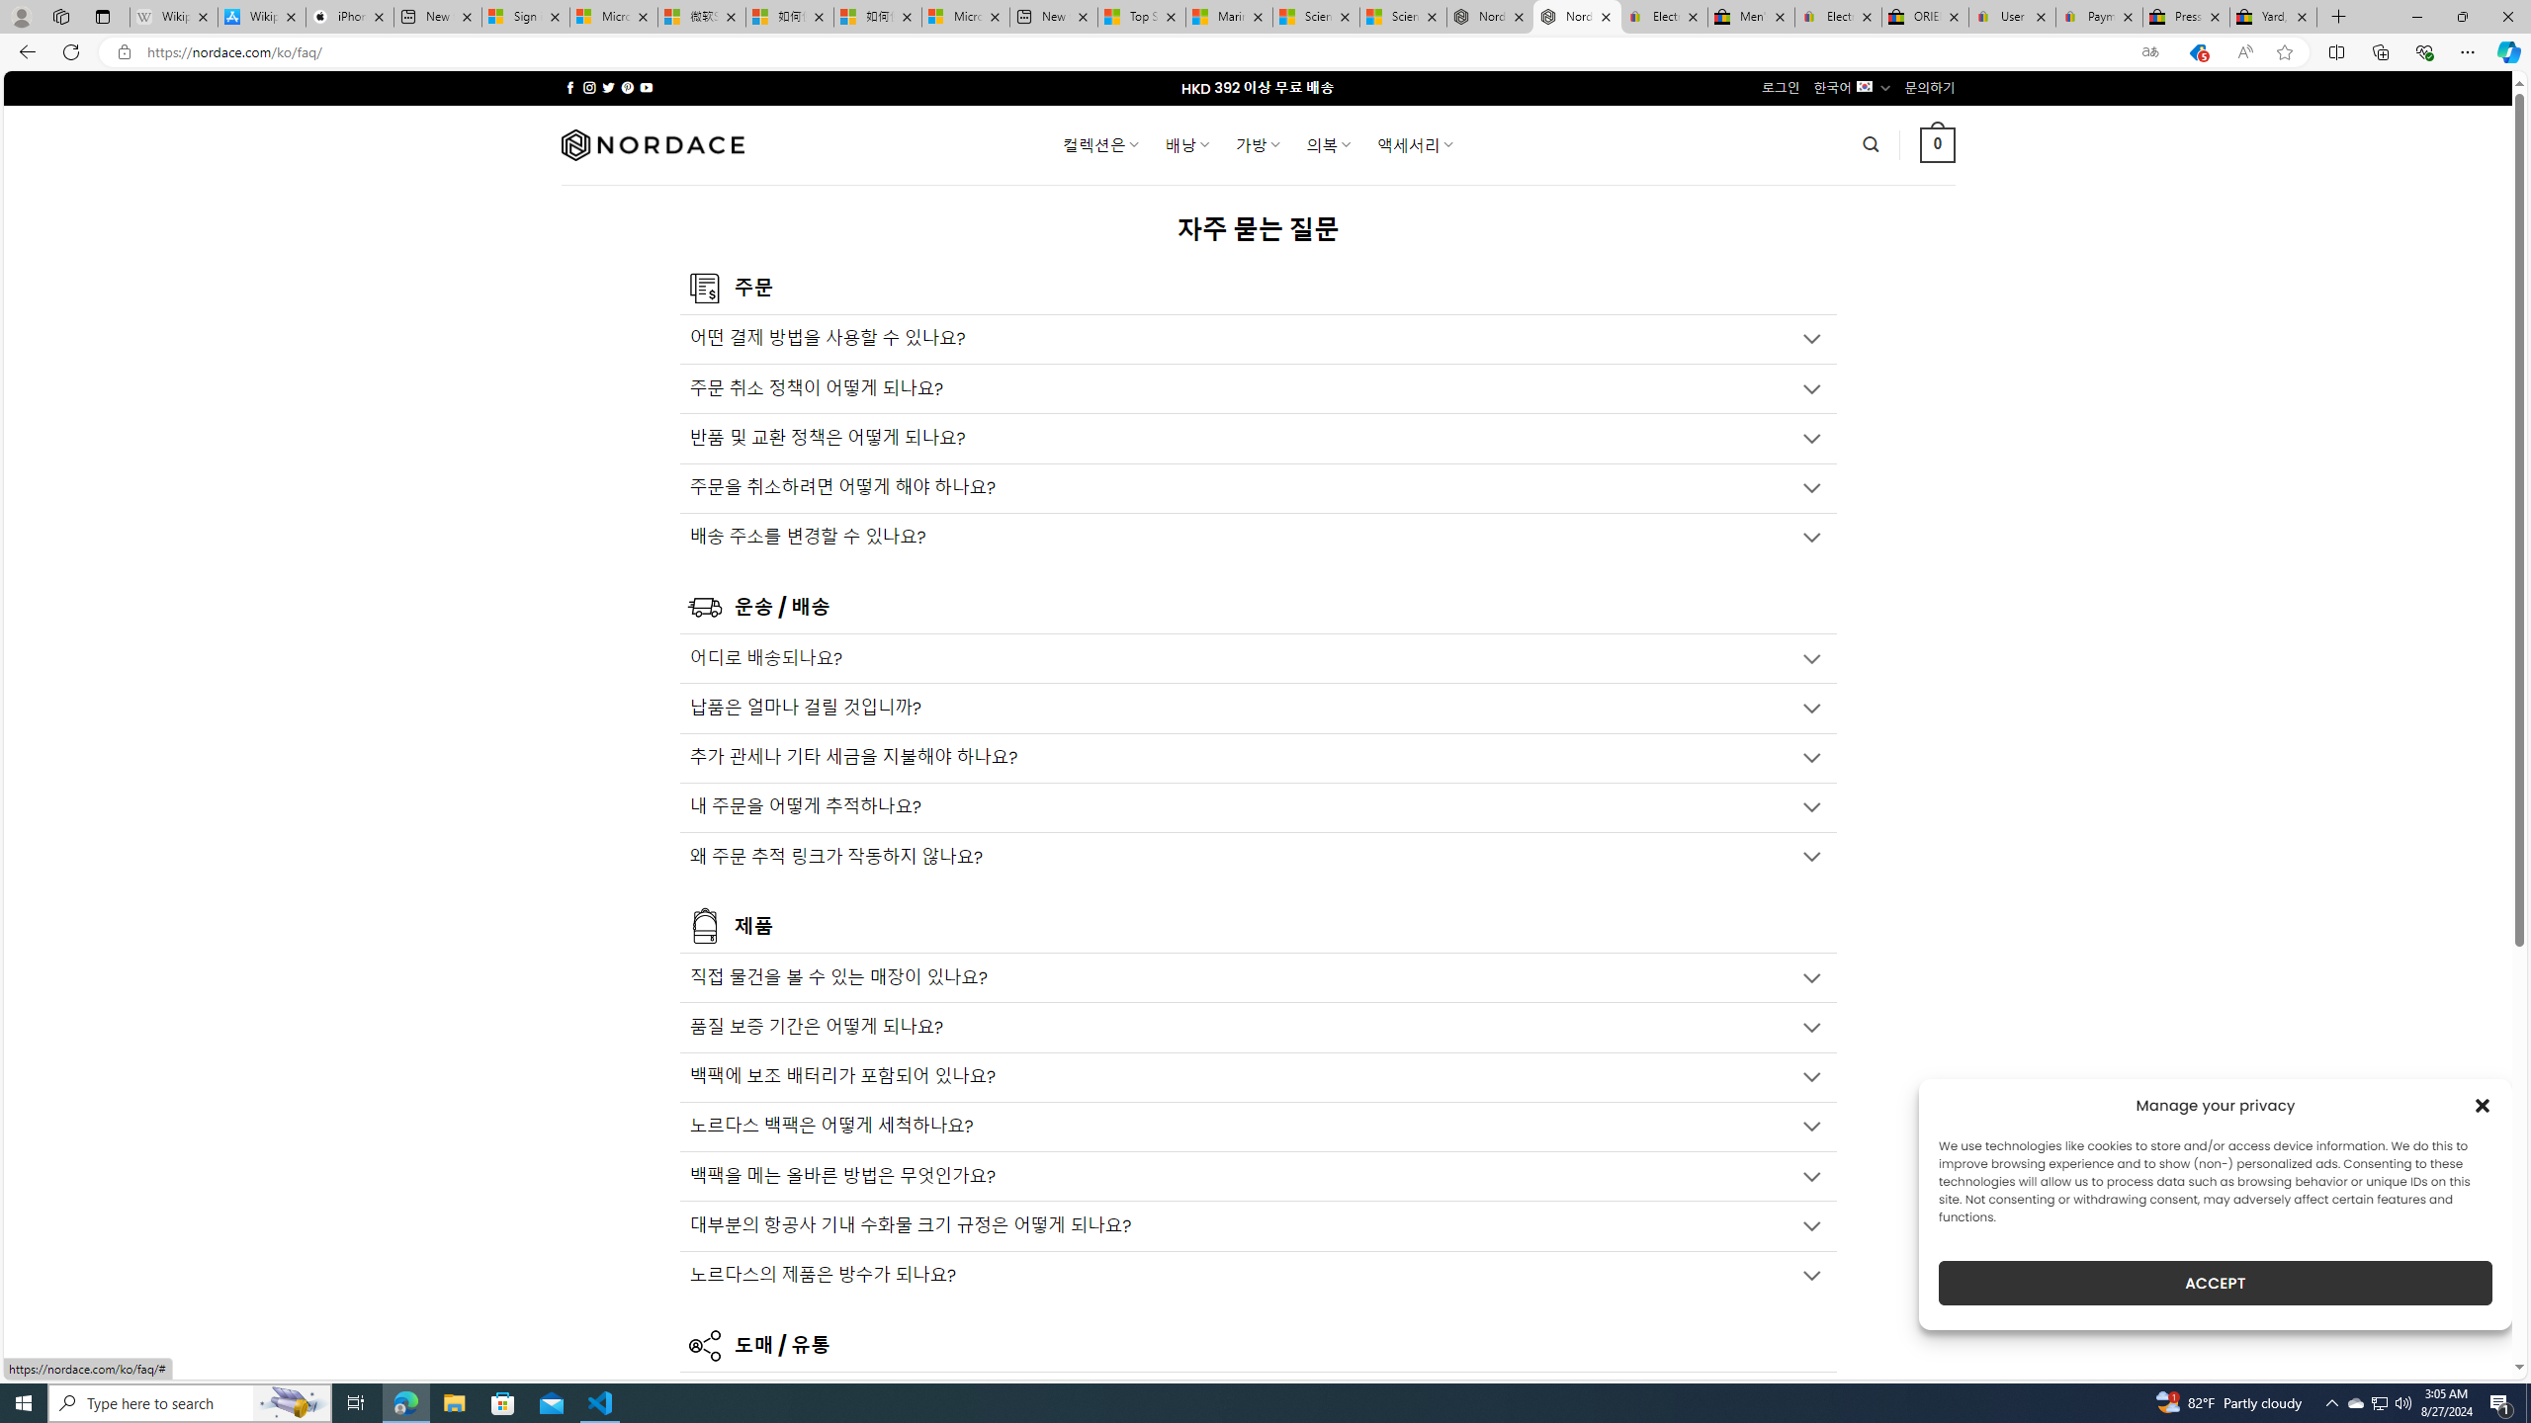 This screenshot has width=2531, height=1423. Describe the element at coordinates (1140, 16) in the screenshot. I see `'Top Stories - MSN'` at that location.